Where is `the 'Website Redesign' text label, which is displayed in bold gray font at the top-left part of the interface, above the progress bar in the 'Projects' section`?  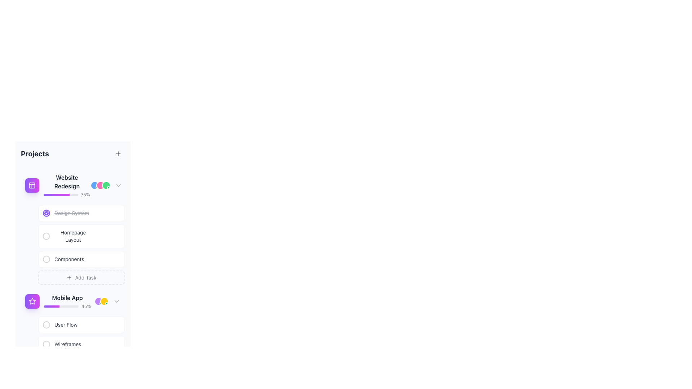 the 'Website Redesign' text label, which is displayed in bold gray font at the top-left part of the interface, above the progress bar in the 'Projects' section is located at coordinates (67, 182).